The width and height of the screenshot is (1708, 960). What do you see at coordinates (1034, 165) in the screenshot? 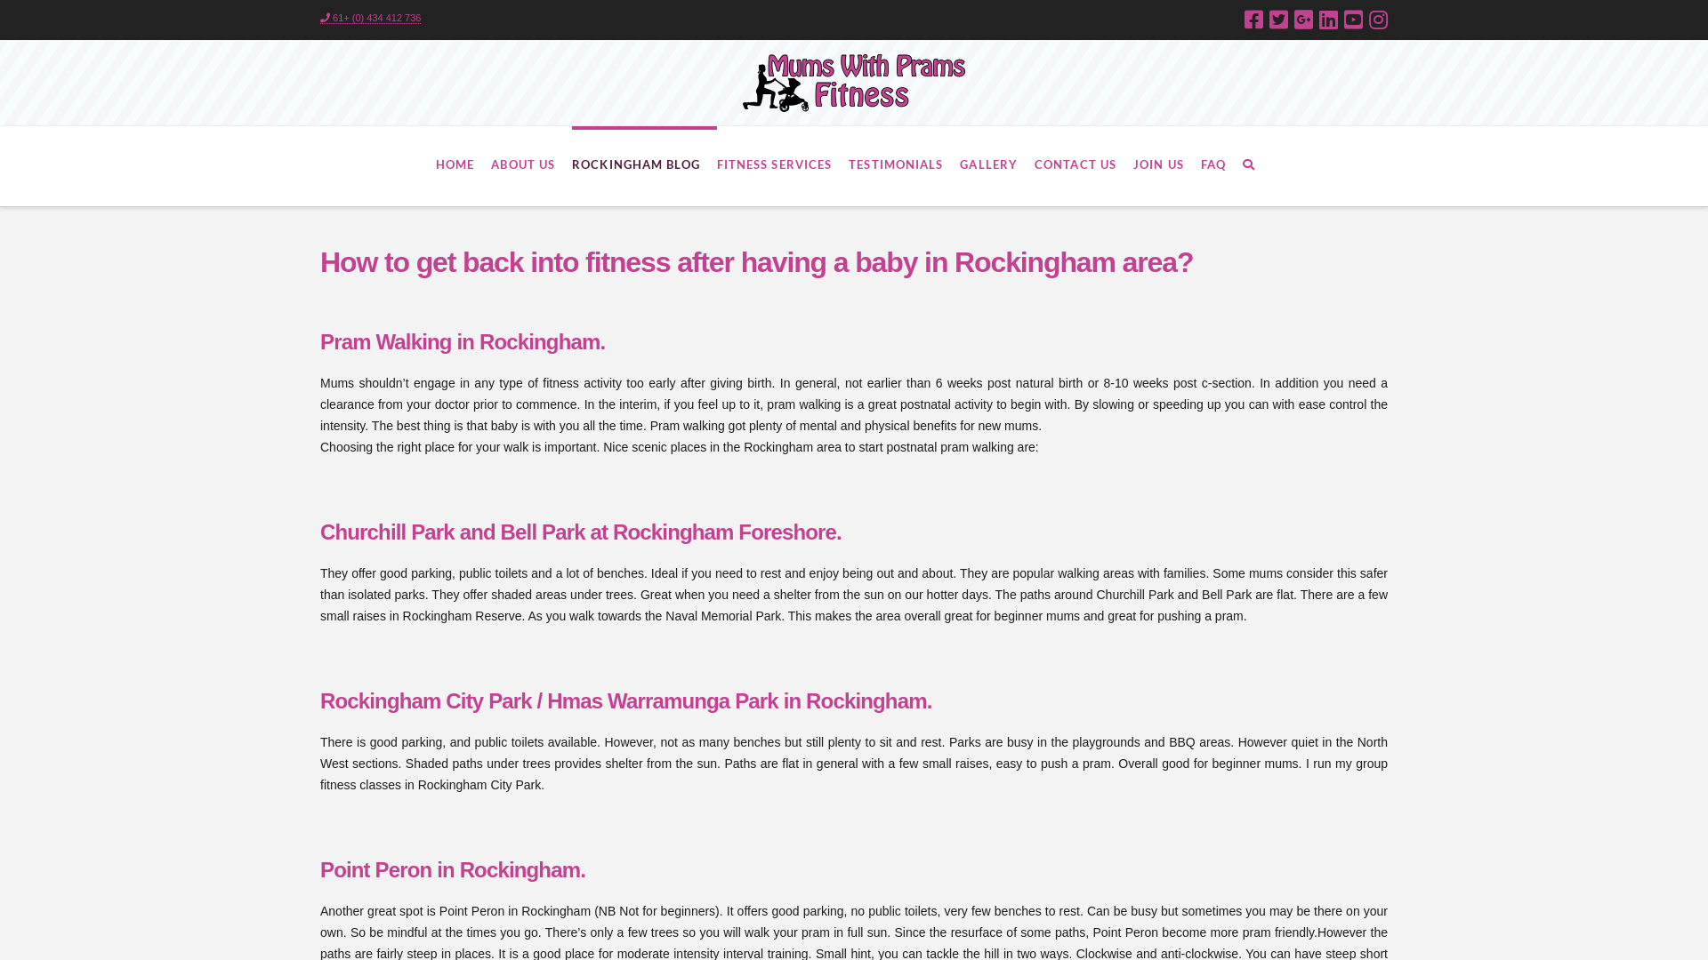
I see `'CONTACT US'` at bounding box center [1034, 165].